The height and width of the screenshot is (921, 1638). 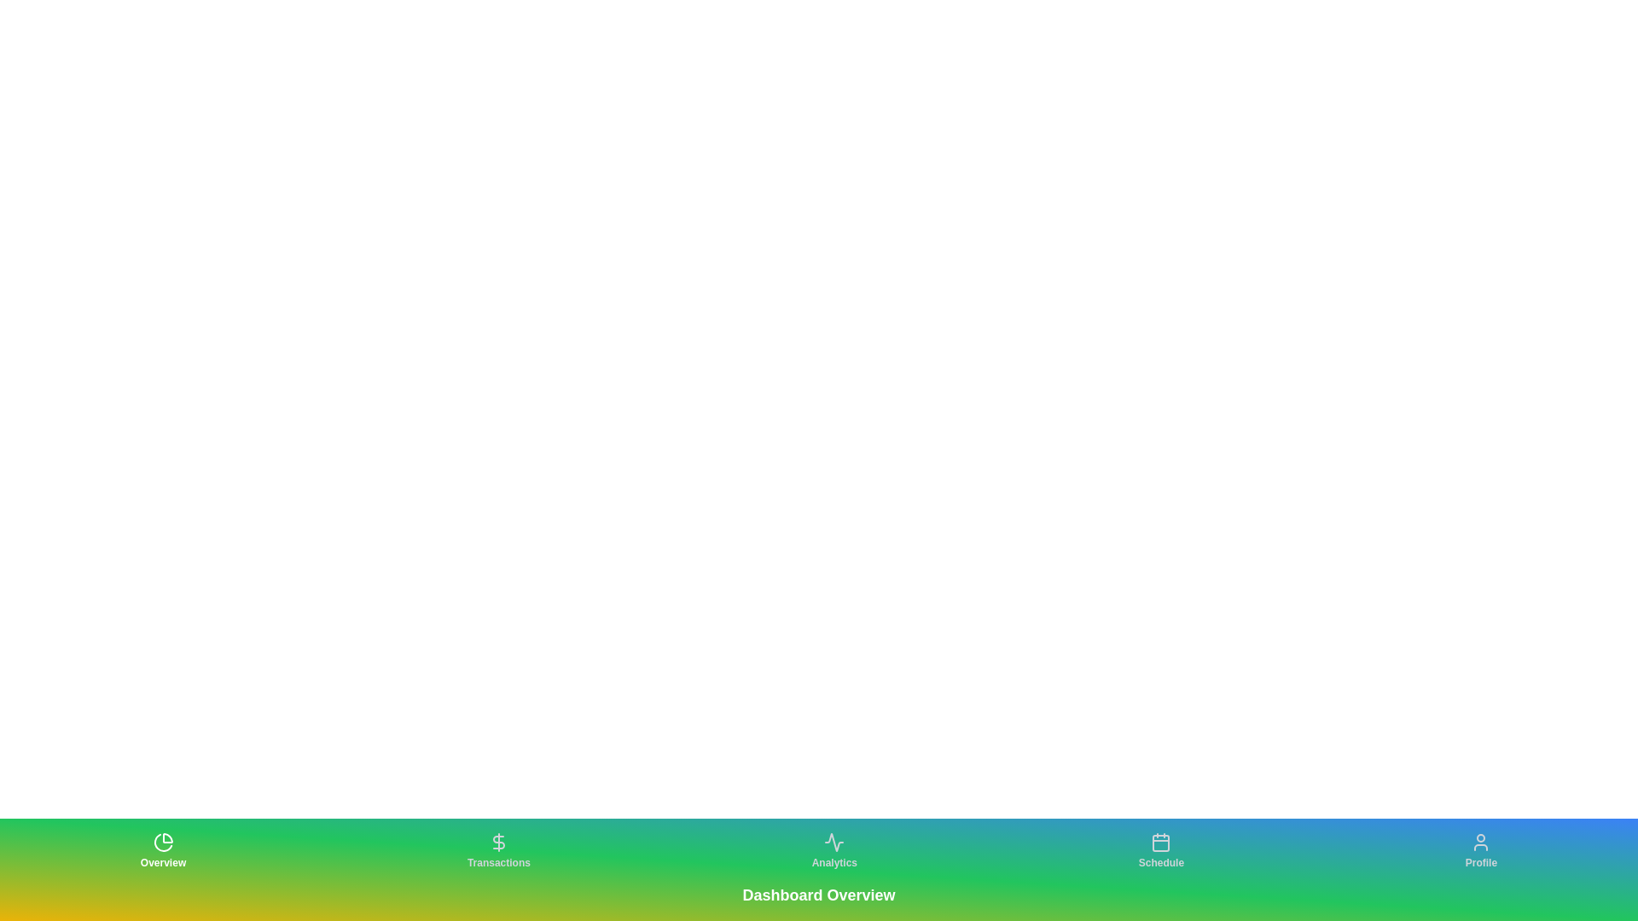 What do you see at coordinates (834, 851) in the screenshot?
I see `the tab labeled Analytics to observe its hover effect` at bounding box center [834, 851].